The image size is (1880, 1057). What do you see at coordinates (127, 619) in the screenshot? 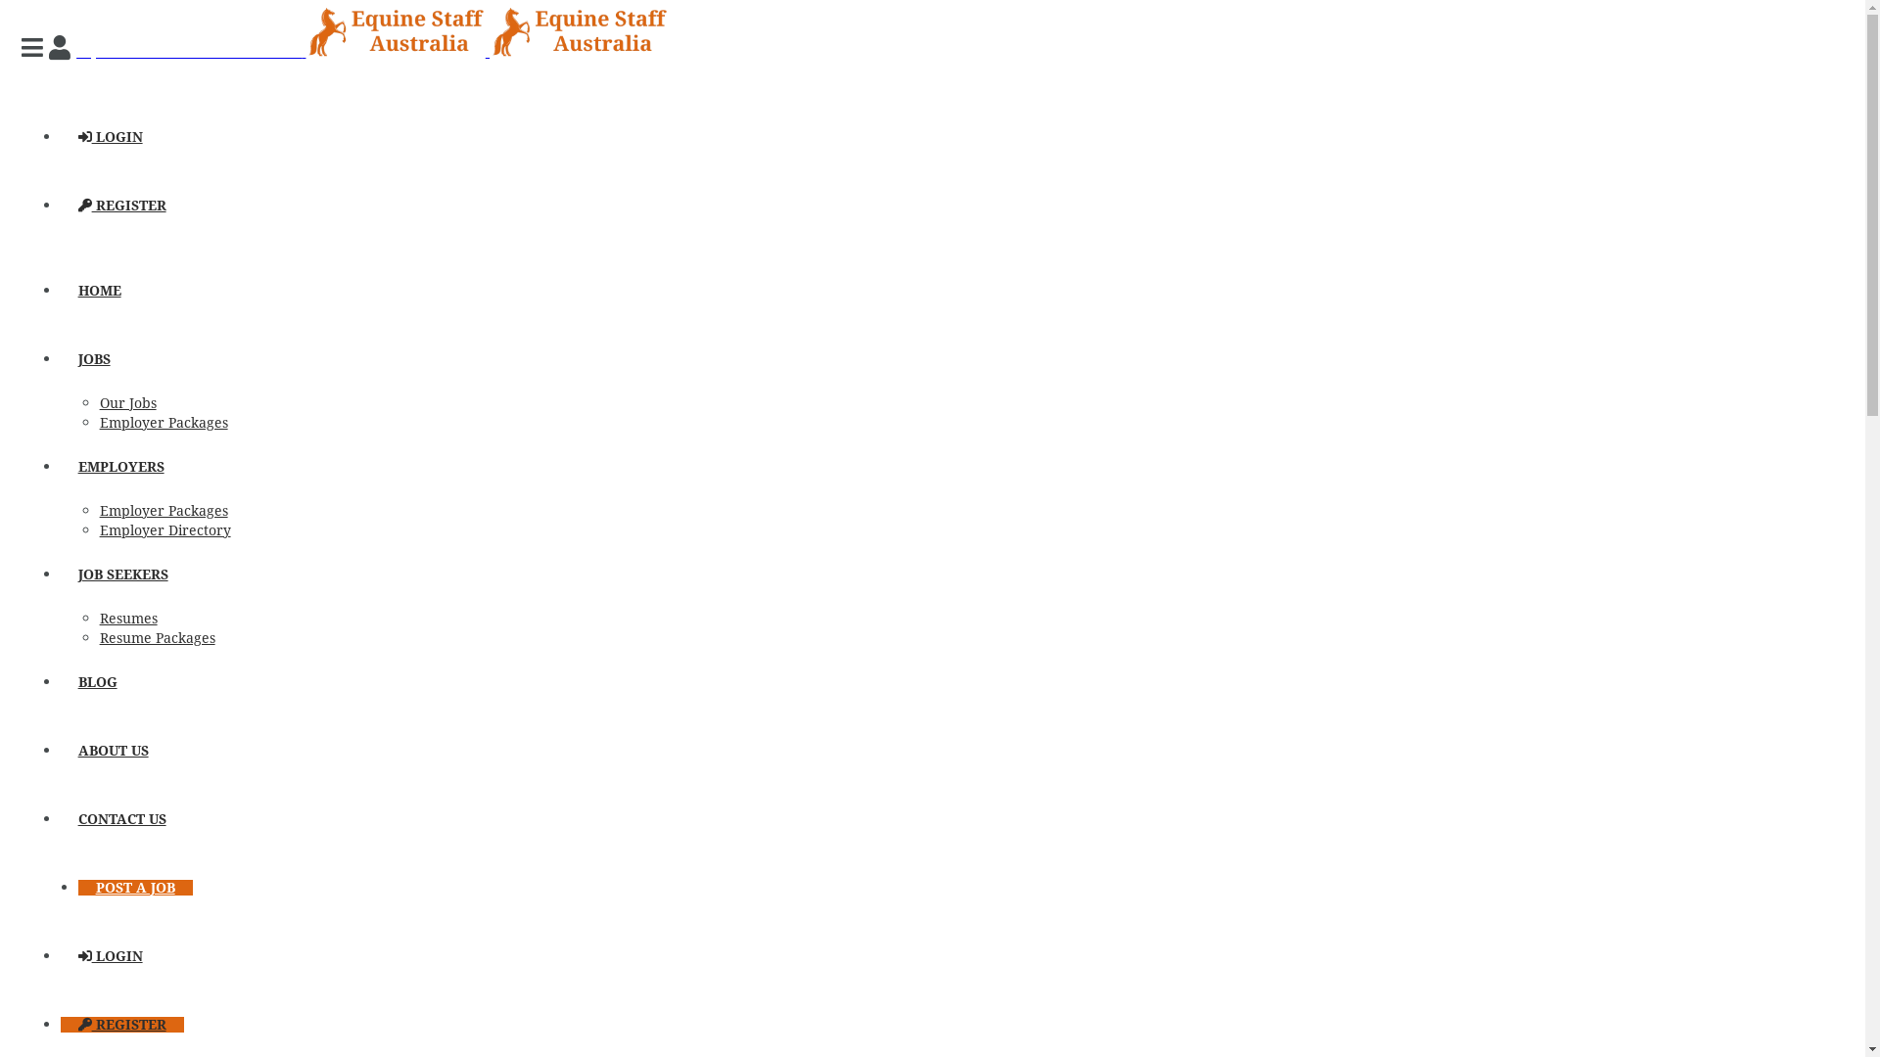
I see `'Resumes'` at bounding box center [127, 619].